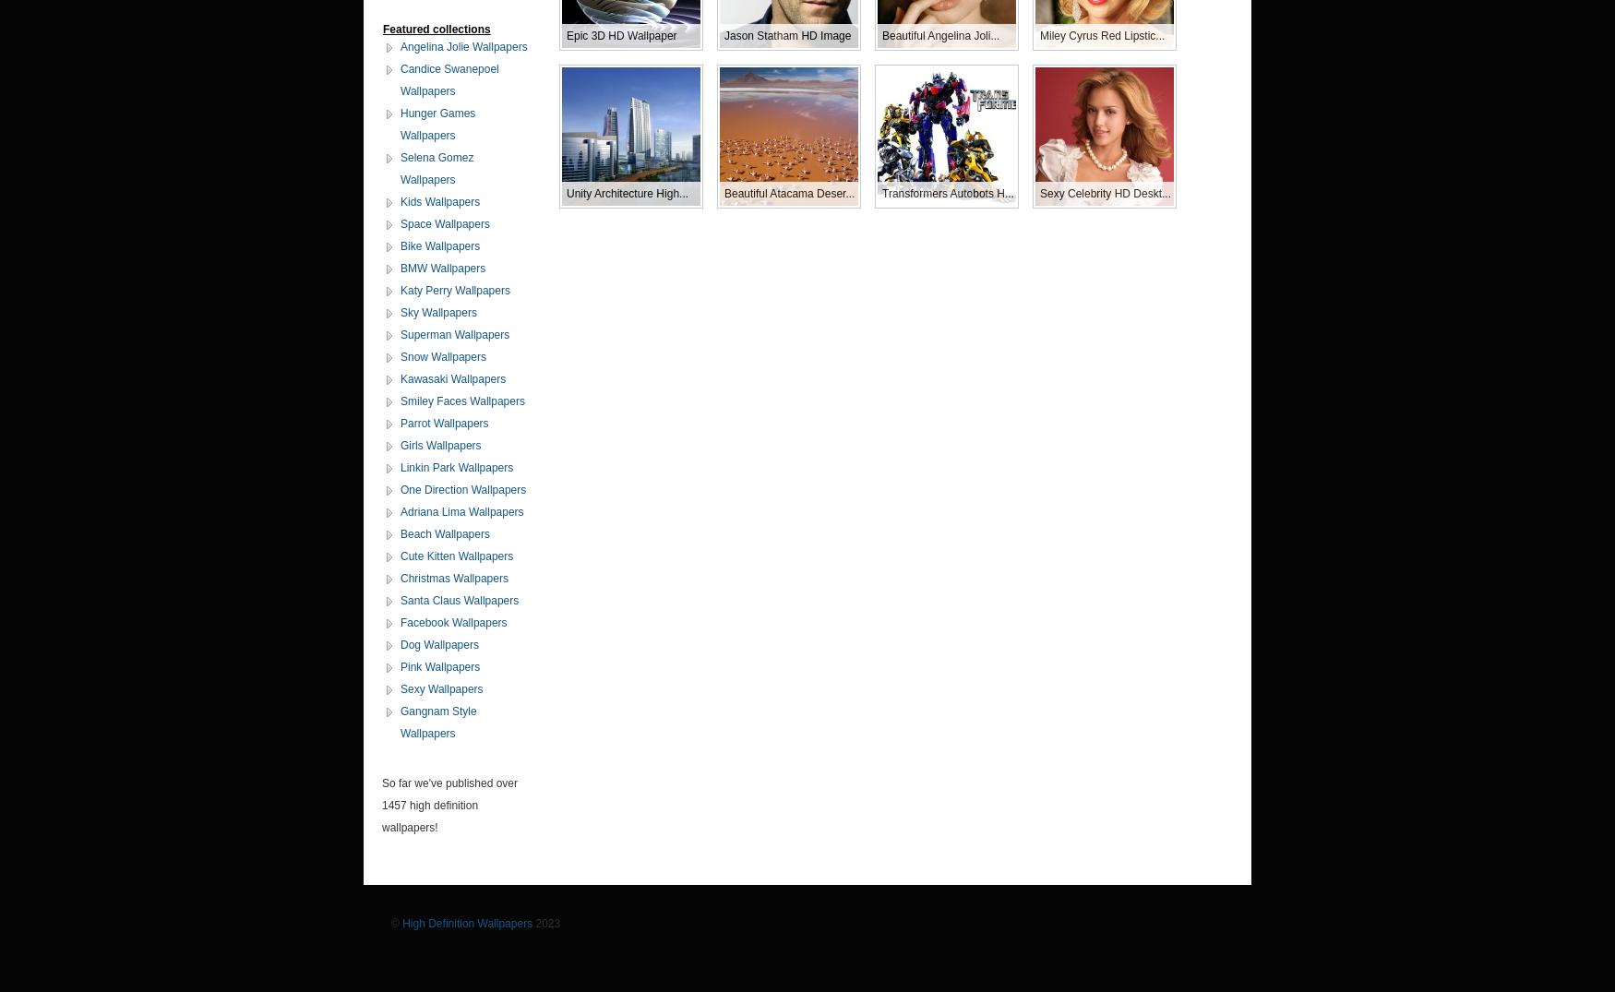 The height and width of the screenshot is (992, 1615). Describe the element at coordinates (400, 533) in the screenshot. I see `'Beach Wallpapers'` at that location.